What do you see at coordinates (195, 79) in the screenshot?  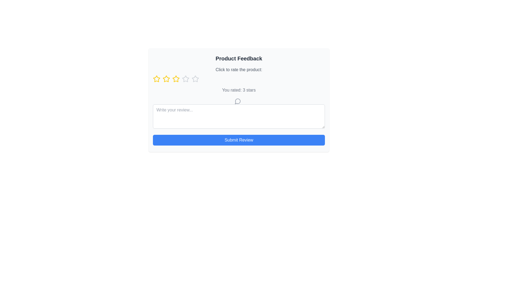 I see `the fourth star-shaped rating icon, which is styled with a gray outline` at bounding box center [195, 79].